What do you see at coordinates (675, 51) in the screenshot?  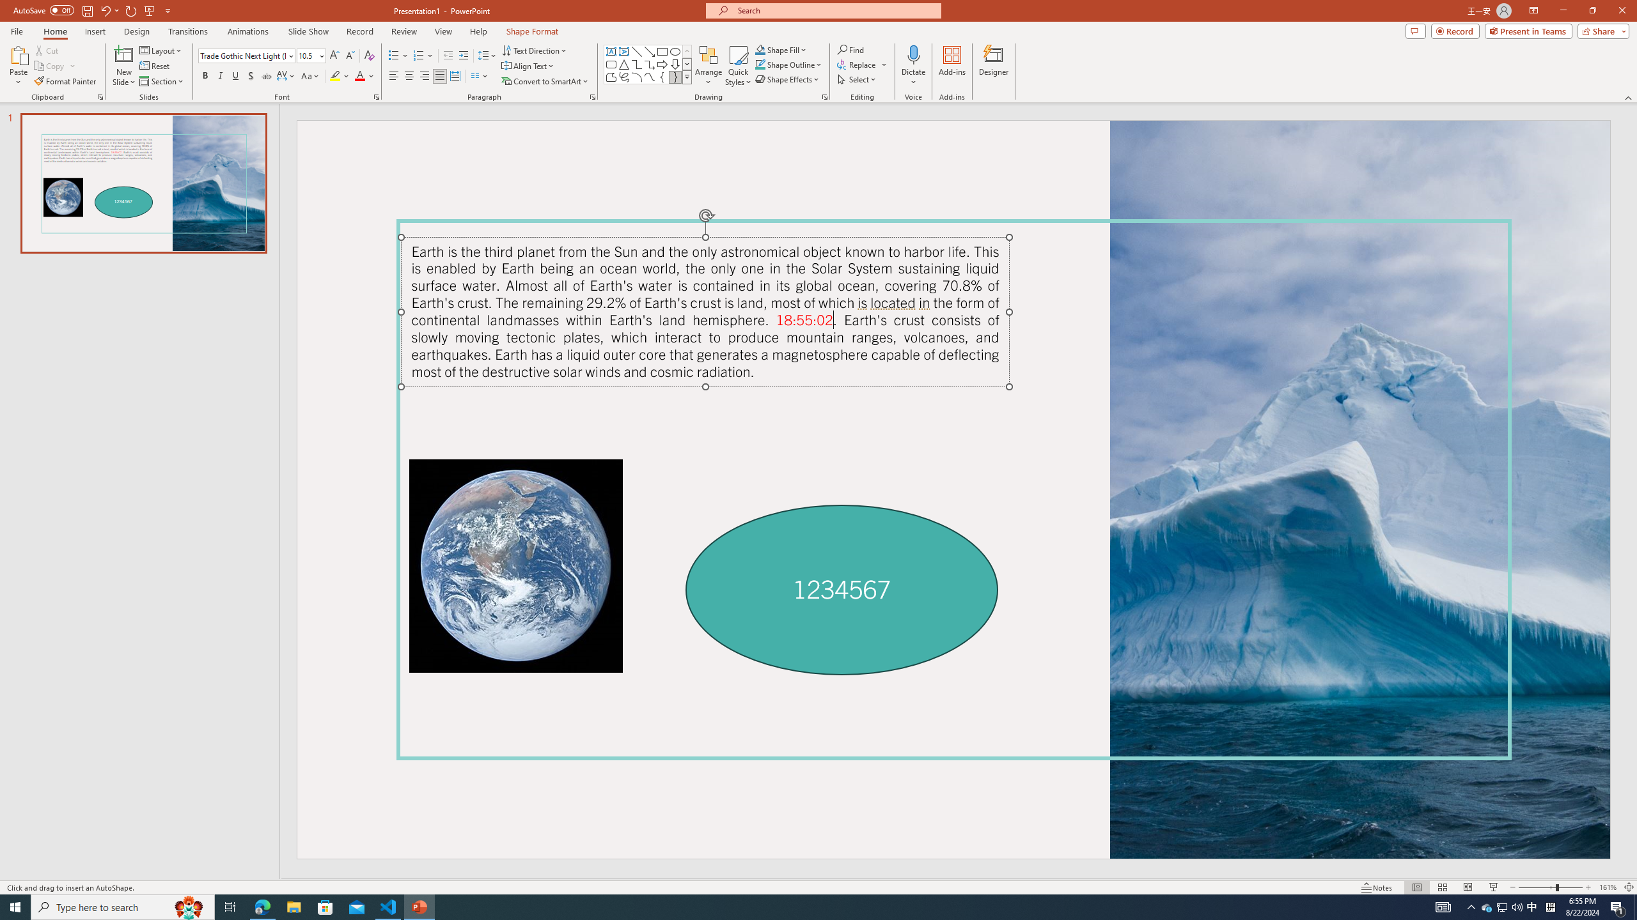 I see `'Oval'` at bounding box center [675, 51].